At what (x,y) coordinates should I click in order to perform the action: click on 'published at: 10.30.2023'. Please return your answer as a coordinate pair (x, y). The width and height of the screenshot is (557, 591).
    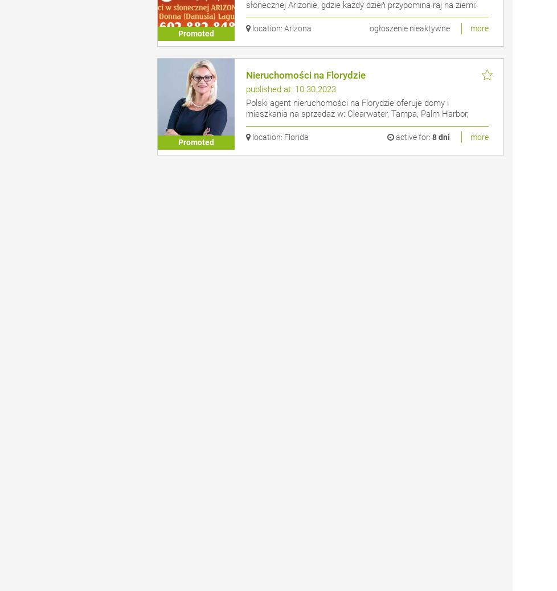
    Looking at the image, I should click on (290, 89).